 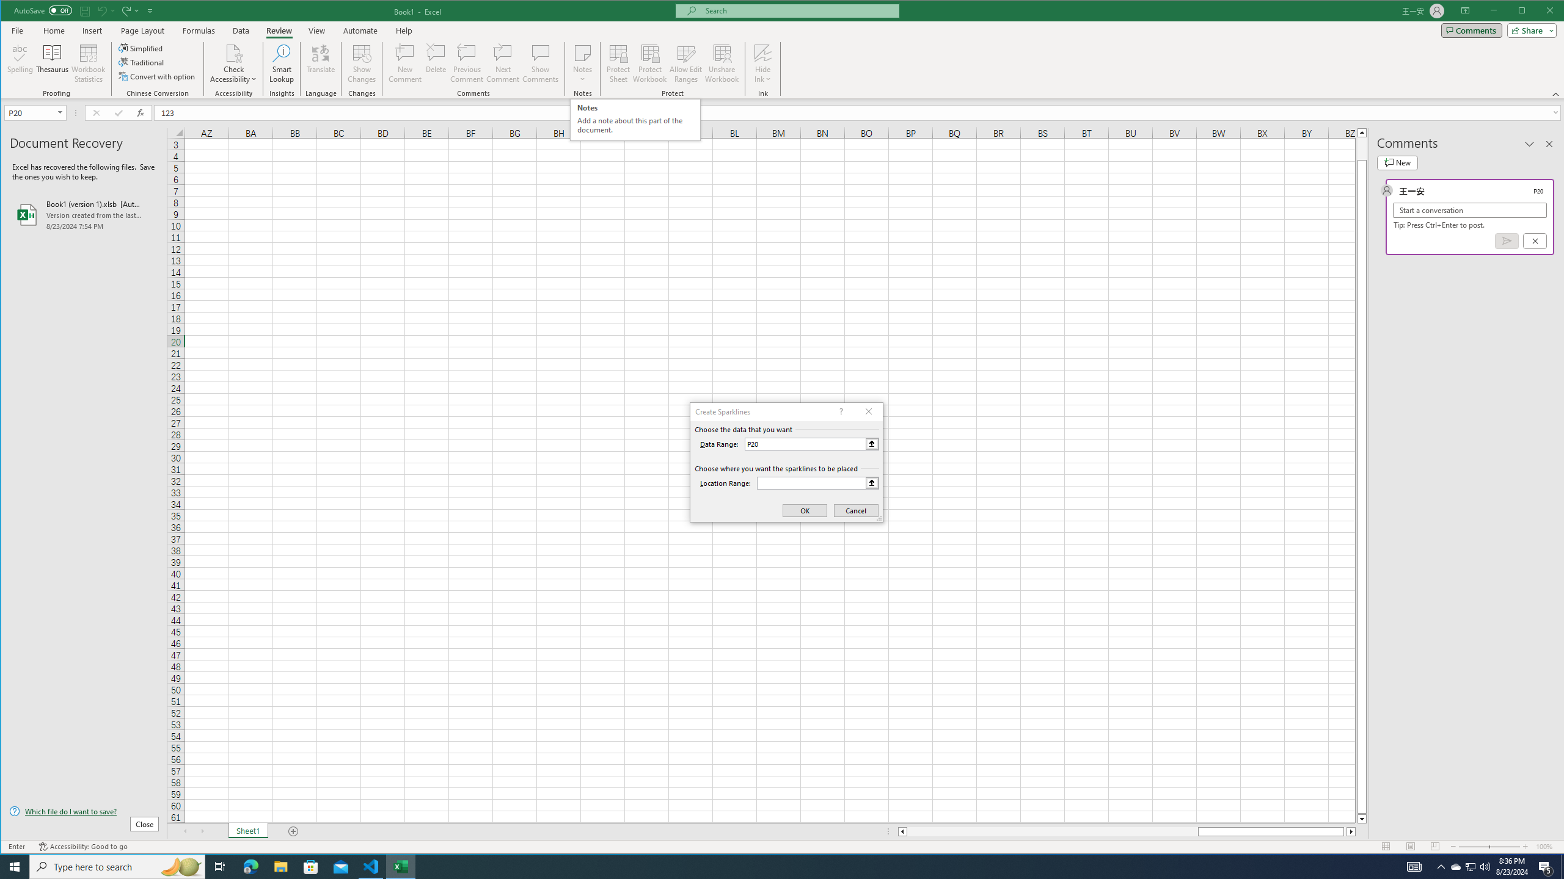 I want to click on 'Traditional', so click(x=142, y=62).